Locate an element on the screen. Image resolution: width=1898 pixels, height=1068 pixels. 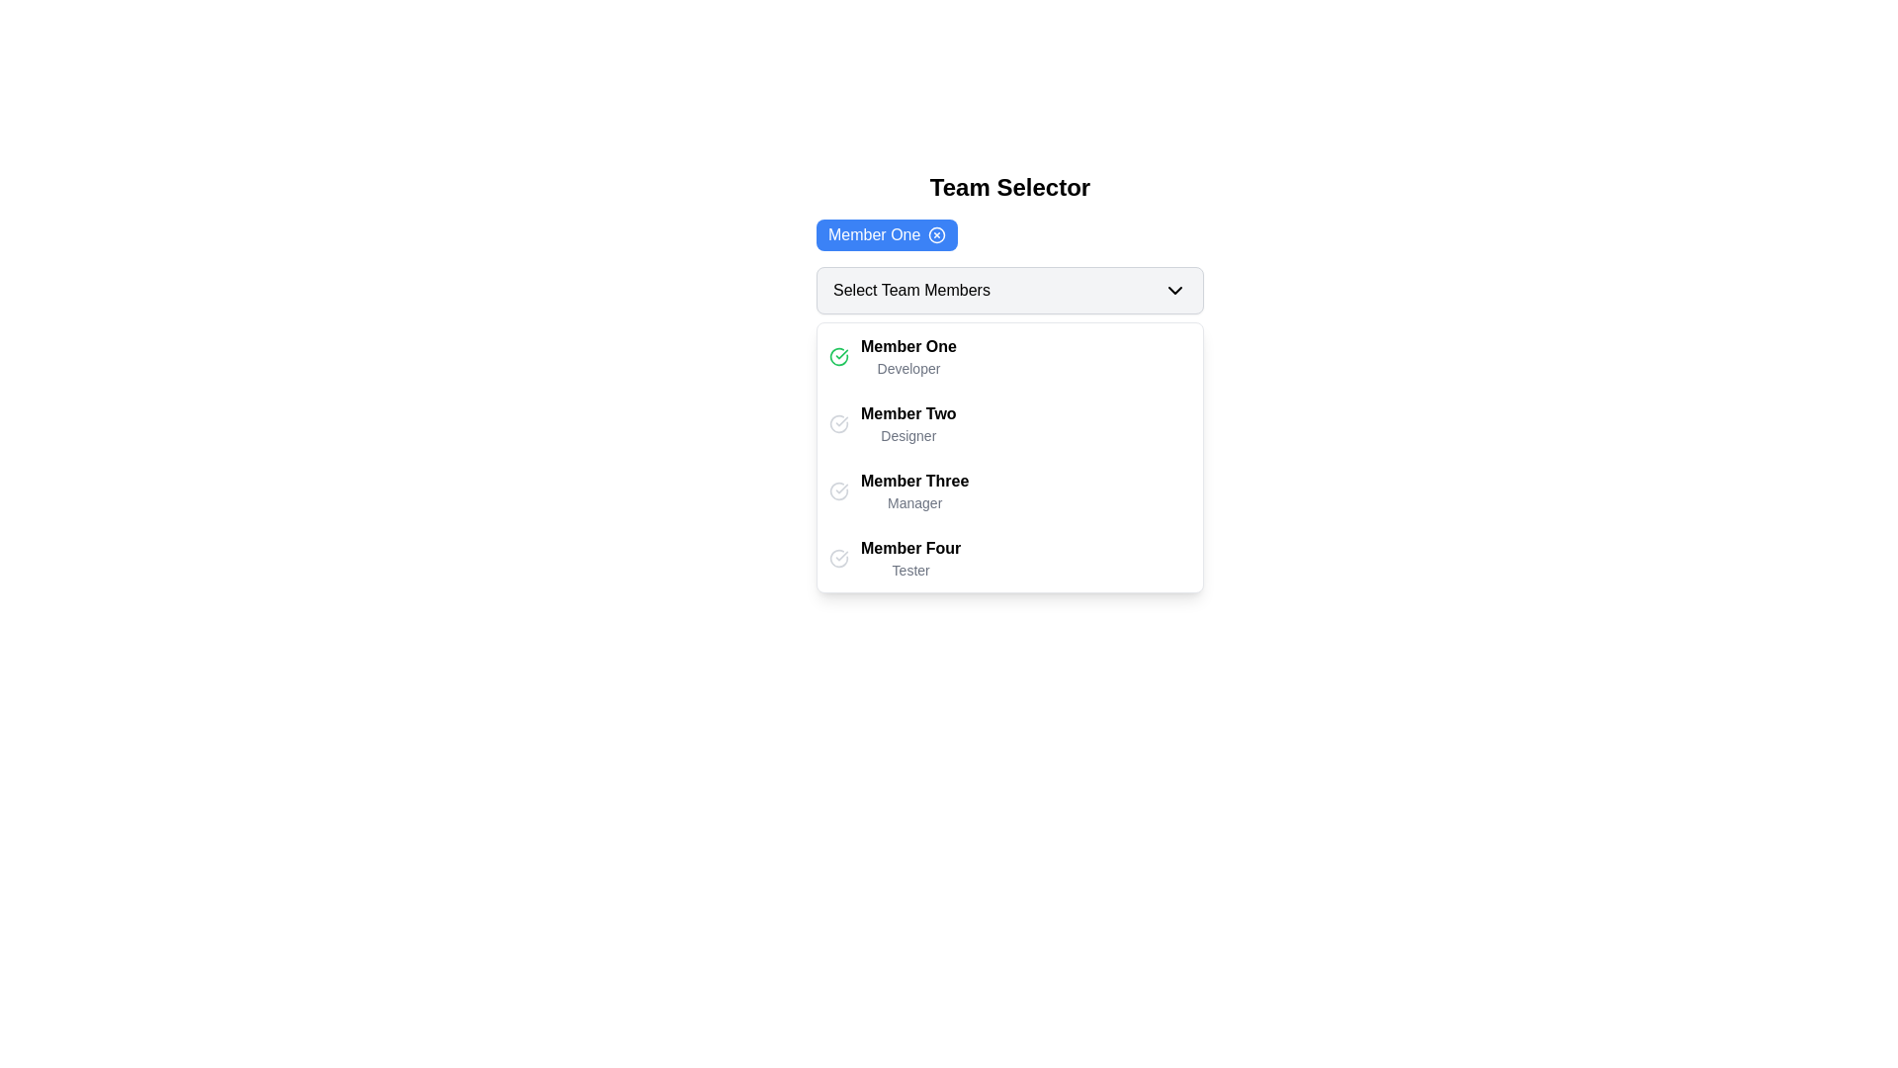
the first selectable list item in the 'Select Team Members' dropdown menu is located at coordinates (1010, 357).